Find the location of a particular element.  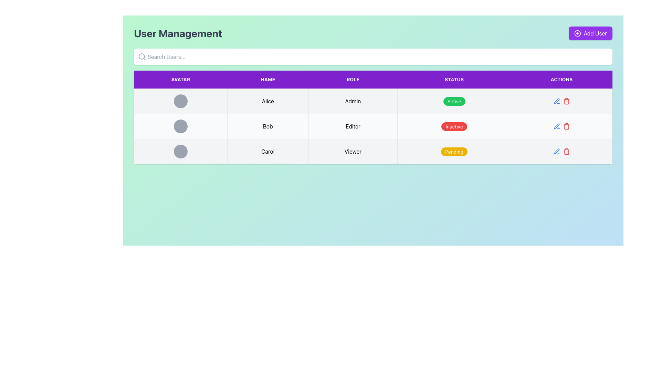

the SVG component that resembles a pen icon, located in the second column under the 'Actions' header in the row associated with 'Bob' is located at coordinates (557, 101).